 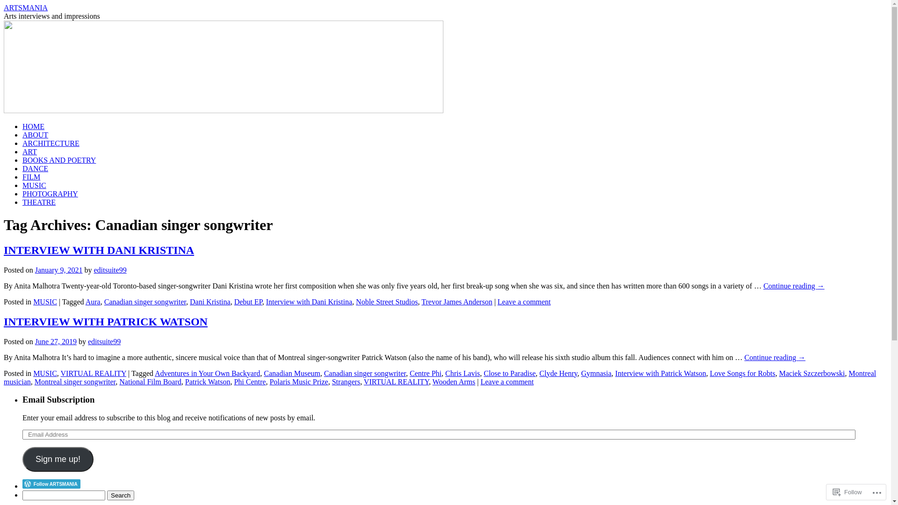 I want to click on 'Close to Paradise', so click(x=509, y=373).